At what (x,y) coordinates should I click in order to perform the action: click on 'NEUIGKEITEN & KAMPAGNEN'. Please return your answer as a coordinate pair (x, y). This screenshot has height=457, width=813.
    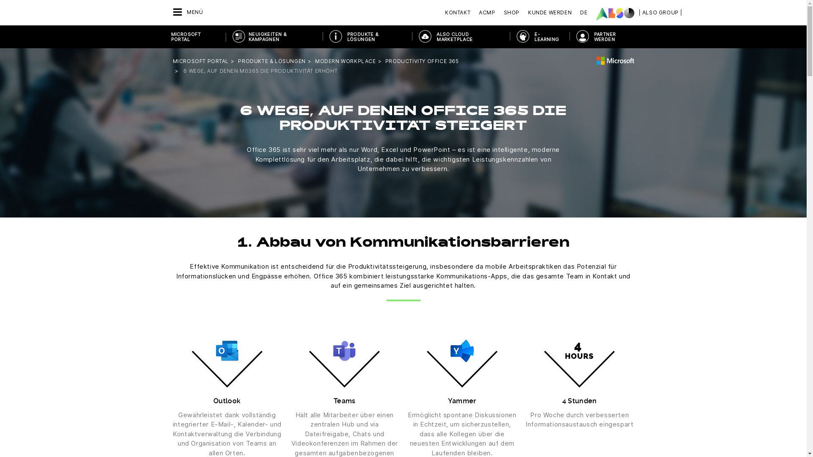
    Looking at the image, I should click on (274, 36).